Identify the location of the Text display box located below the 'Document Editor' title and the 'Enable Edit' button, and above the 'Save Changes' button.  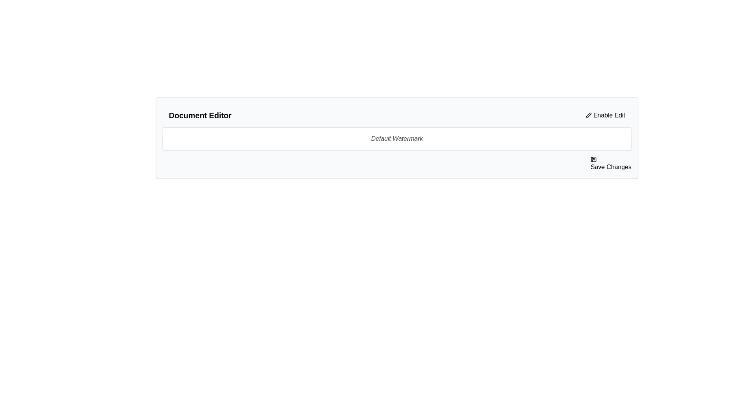
(397, 138).